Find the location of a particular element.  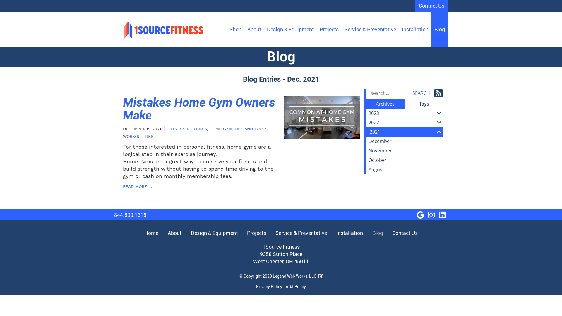

'Home' is located at coordinates (153, 233).